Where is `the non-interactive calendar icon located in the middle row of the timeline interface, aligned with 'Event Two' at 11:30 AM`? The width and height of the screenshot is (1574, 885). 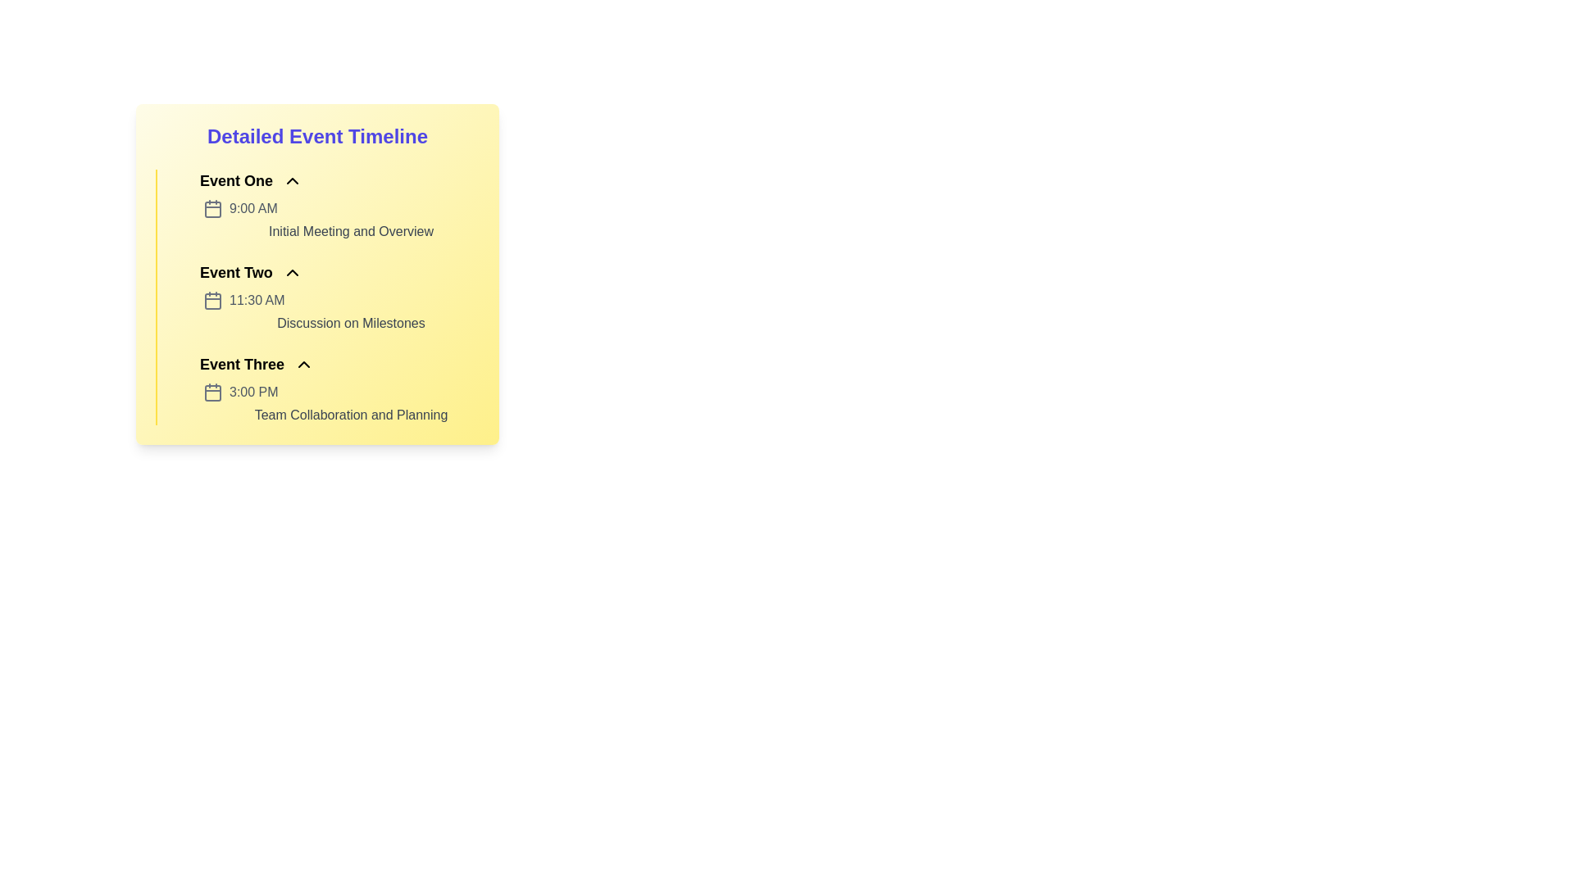 the non-interactive calendar icon located in the middle row of the timeline interface, aligned with 'Event Two' at 11:30 AM is located at coordinates (212, 300).